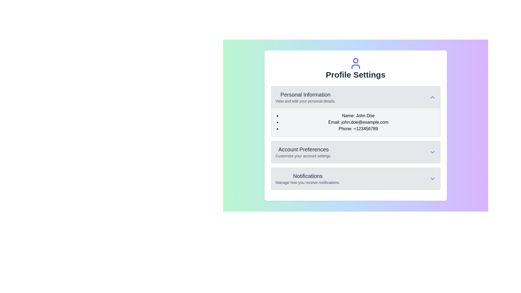 The height and width of the screenshot is (293, 521). What do you see at coordinates (303, 149) in the screenshot?
I see `the section heading for 'Account Preferences' located near the top-center of the interface, directly below 'Personal Information' and above 'Notifications'` at bounding box center [303, 149].